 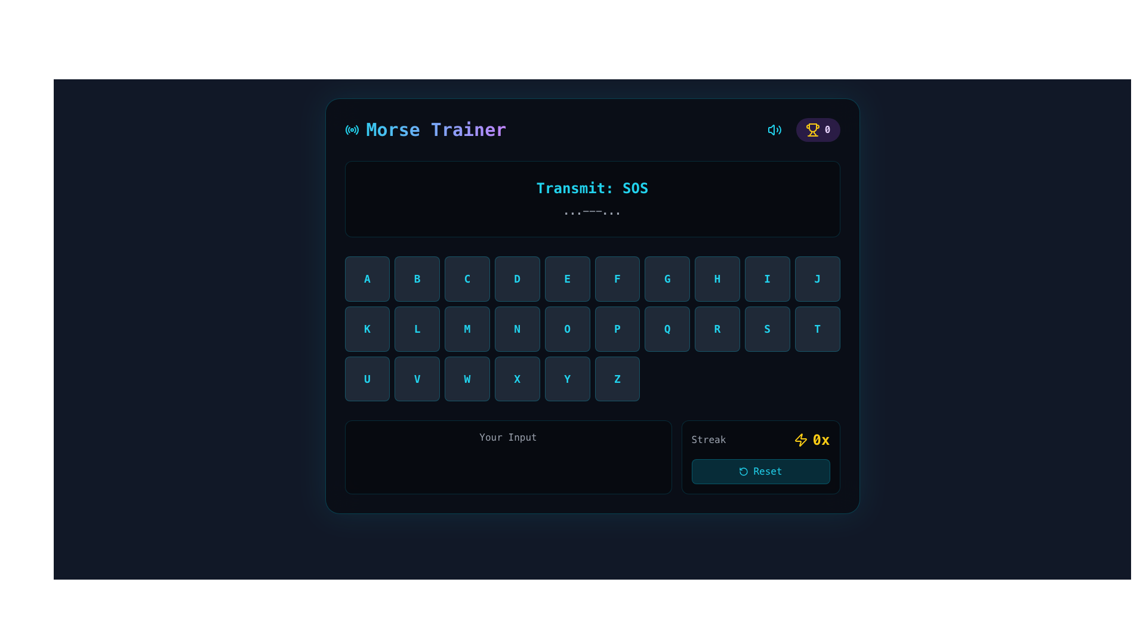 I want to click on the square button with a dark background and a cyan-colored letter 'Y', so click(x=566, y=379).